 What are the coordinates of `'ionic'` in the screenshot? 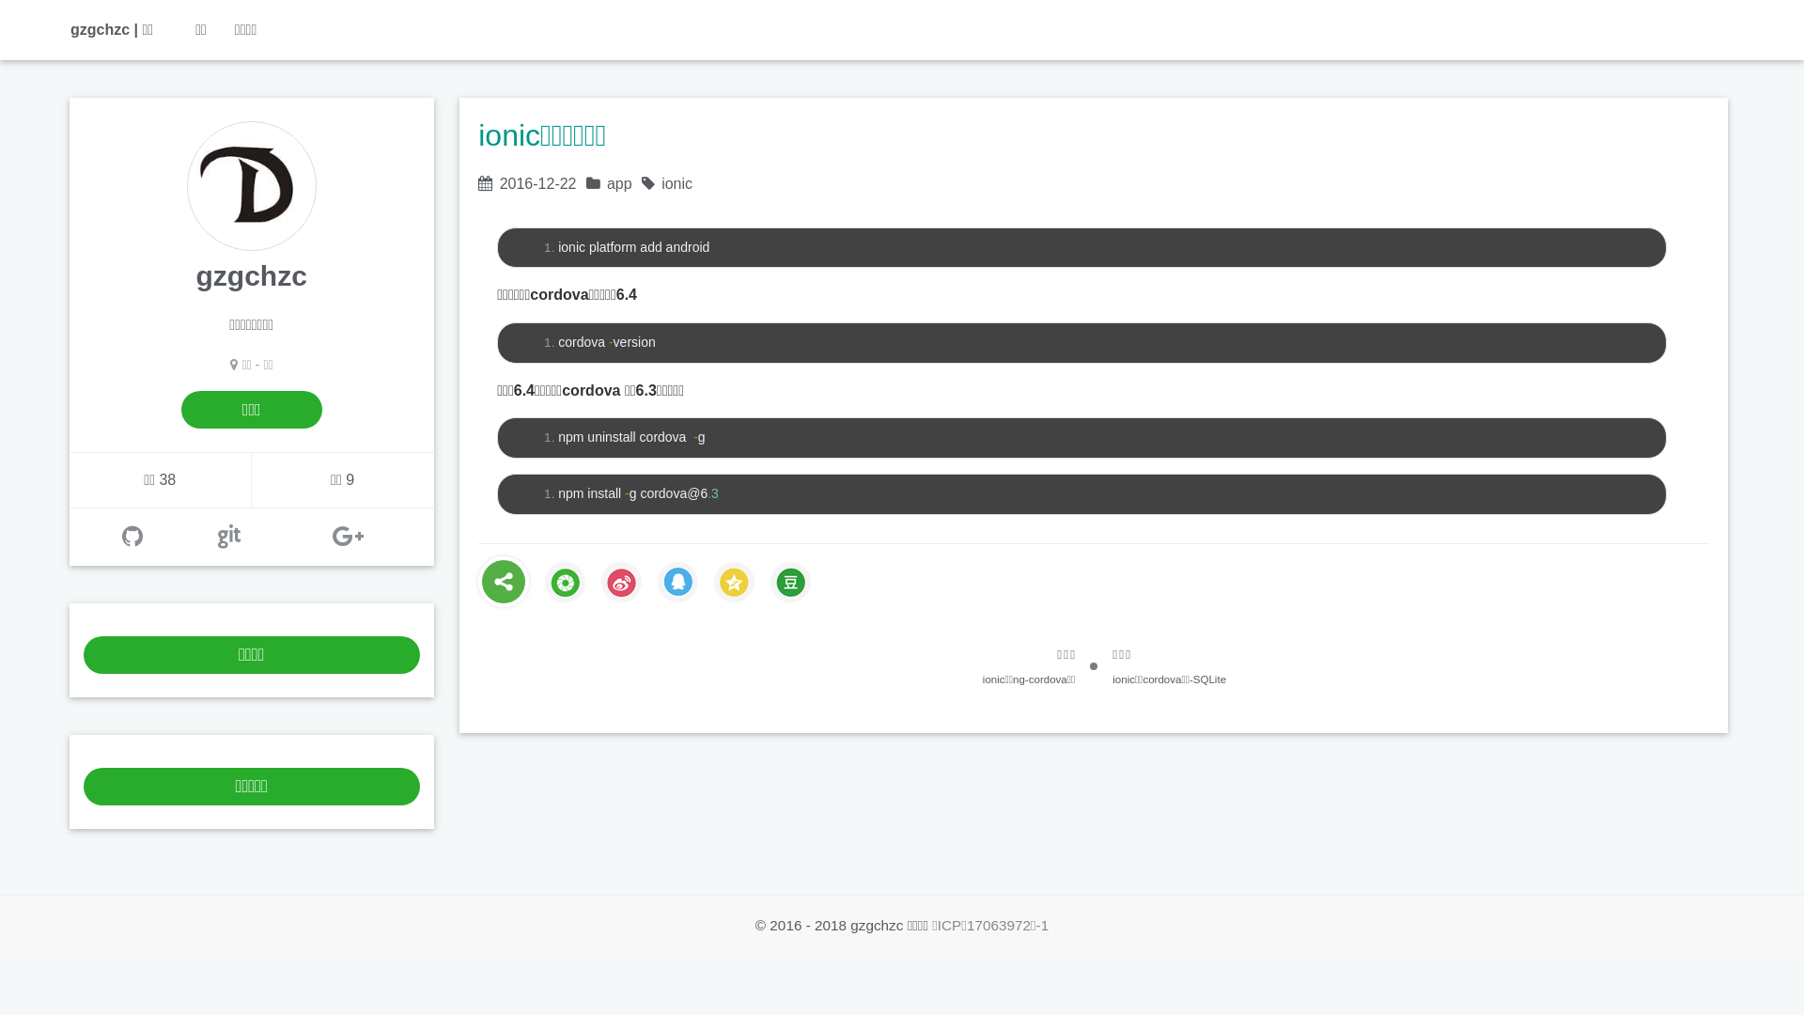 It's located at (661, 183).